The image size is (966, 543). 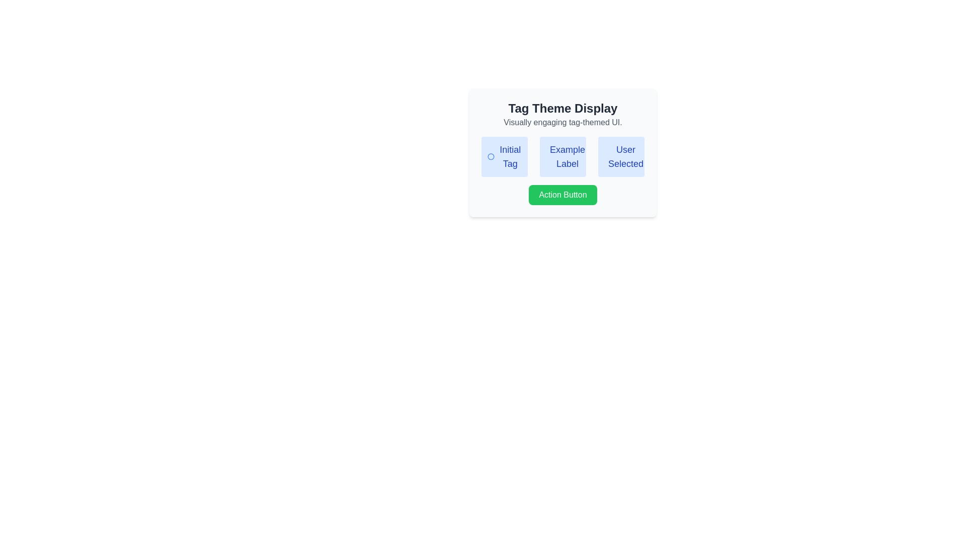 What do you see at coordinates (568, 157) in the screenshot?
I see `text label within the central button located beneath the 'Tag Theme Display' heading` at bounding box center [568, 157].